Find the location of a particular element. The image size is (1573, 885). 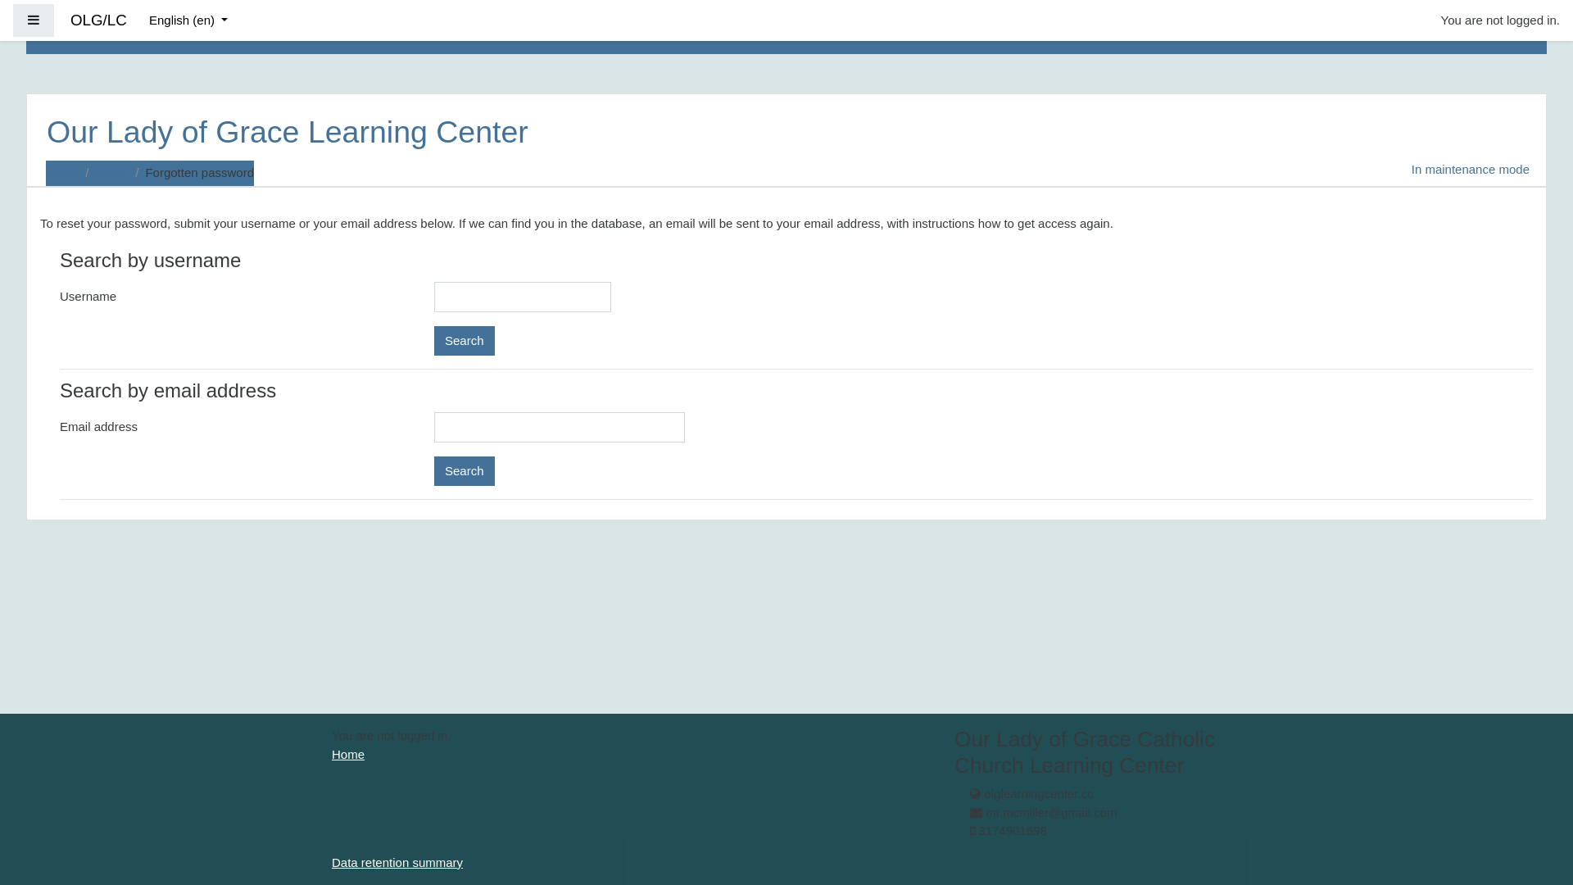

'Home' is located at coordinates (62, 172).